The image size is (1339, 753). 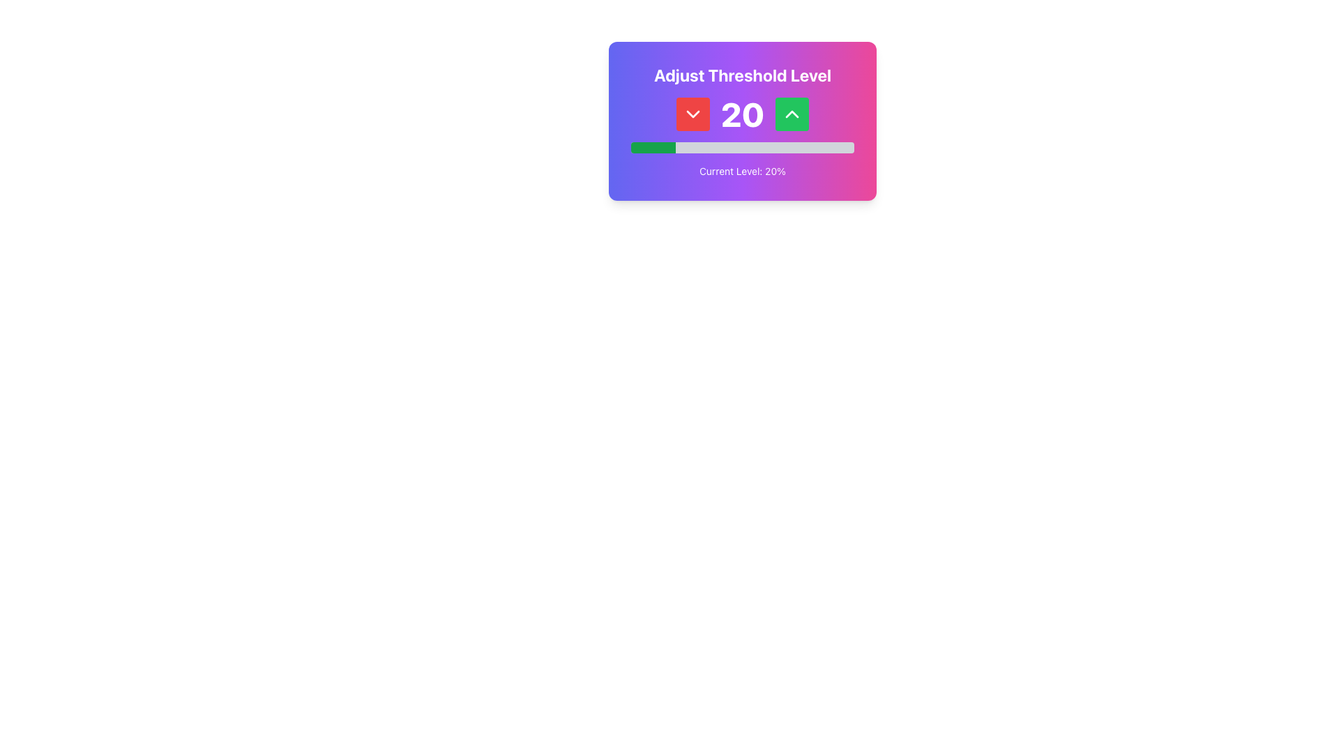 What do you see at coordinates (742, 171) in the screenshot?
I see `the text label displaying 'Current Level: 20%' located at the bottom part of the card with a gradient background, situated below a progress bar` at bounding box center [742, 171].